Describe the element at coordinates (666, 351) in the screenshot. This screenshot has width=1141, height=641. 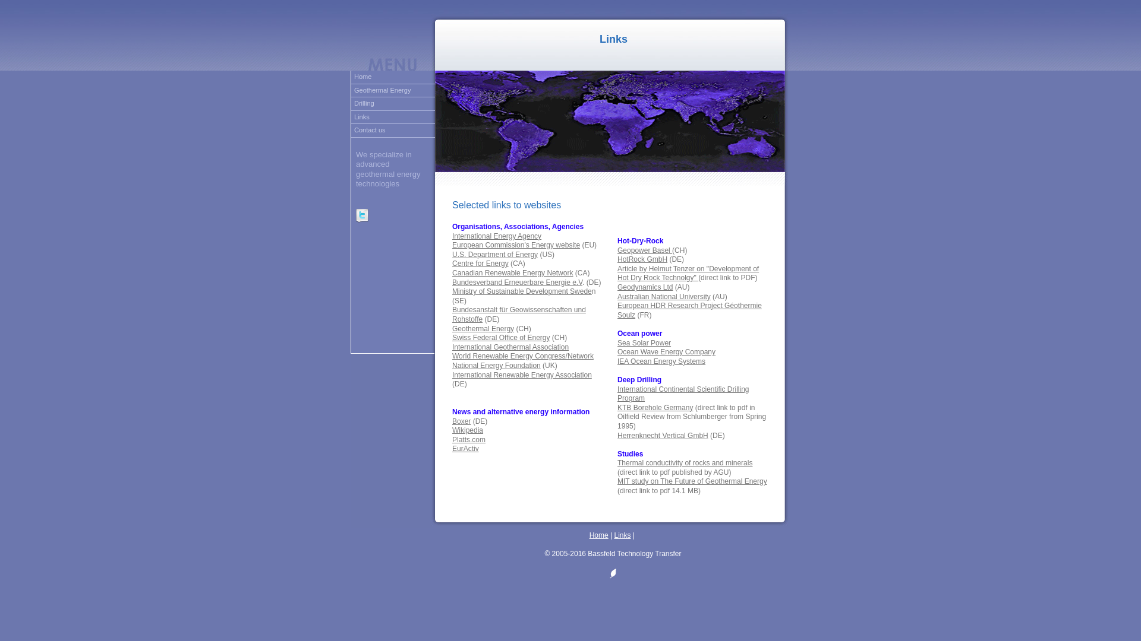
I see `'Ocean Wave Energy Company'` at that location.